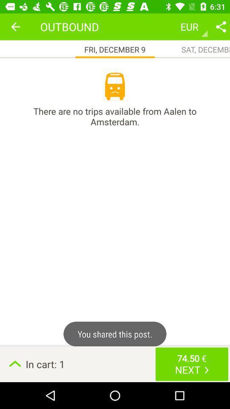 Image resolution: width=230 pixels, height=409 pixels. Describe the element at coordinates (221, 26) in the screenshot. I see `share` at that location.